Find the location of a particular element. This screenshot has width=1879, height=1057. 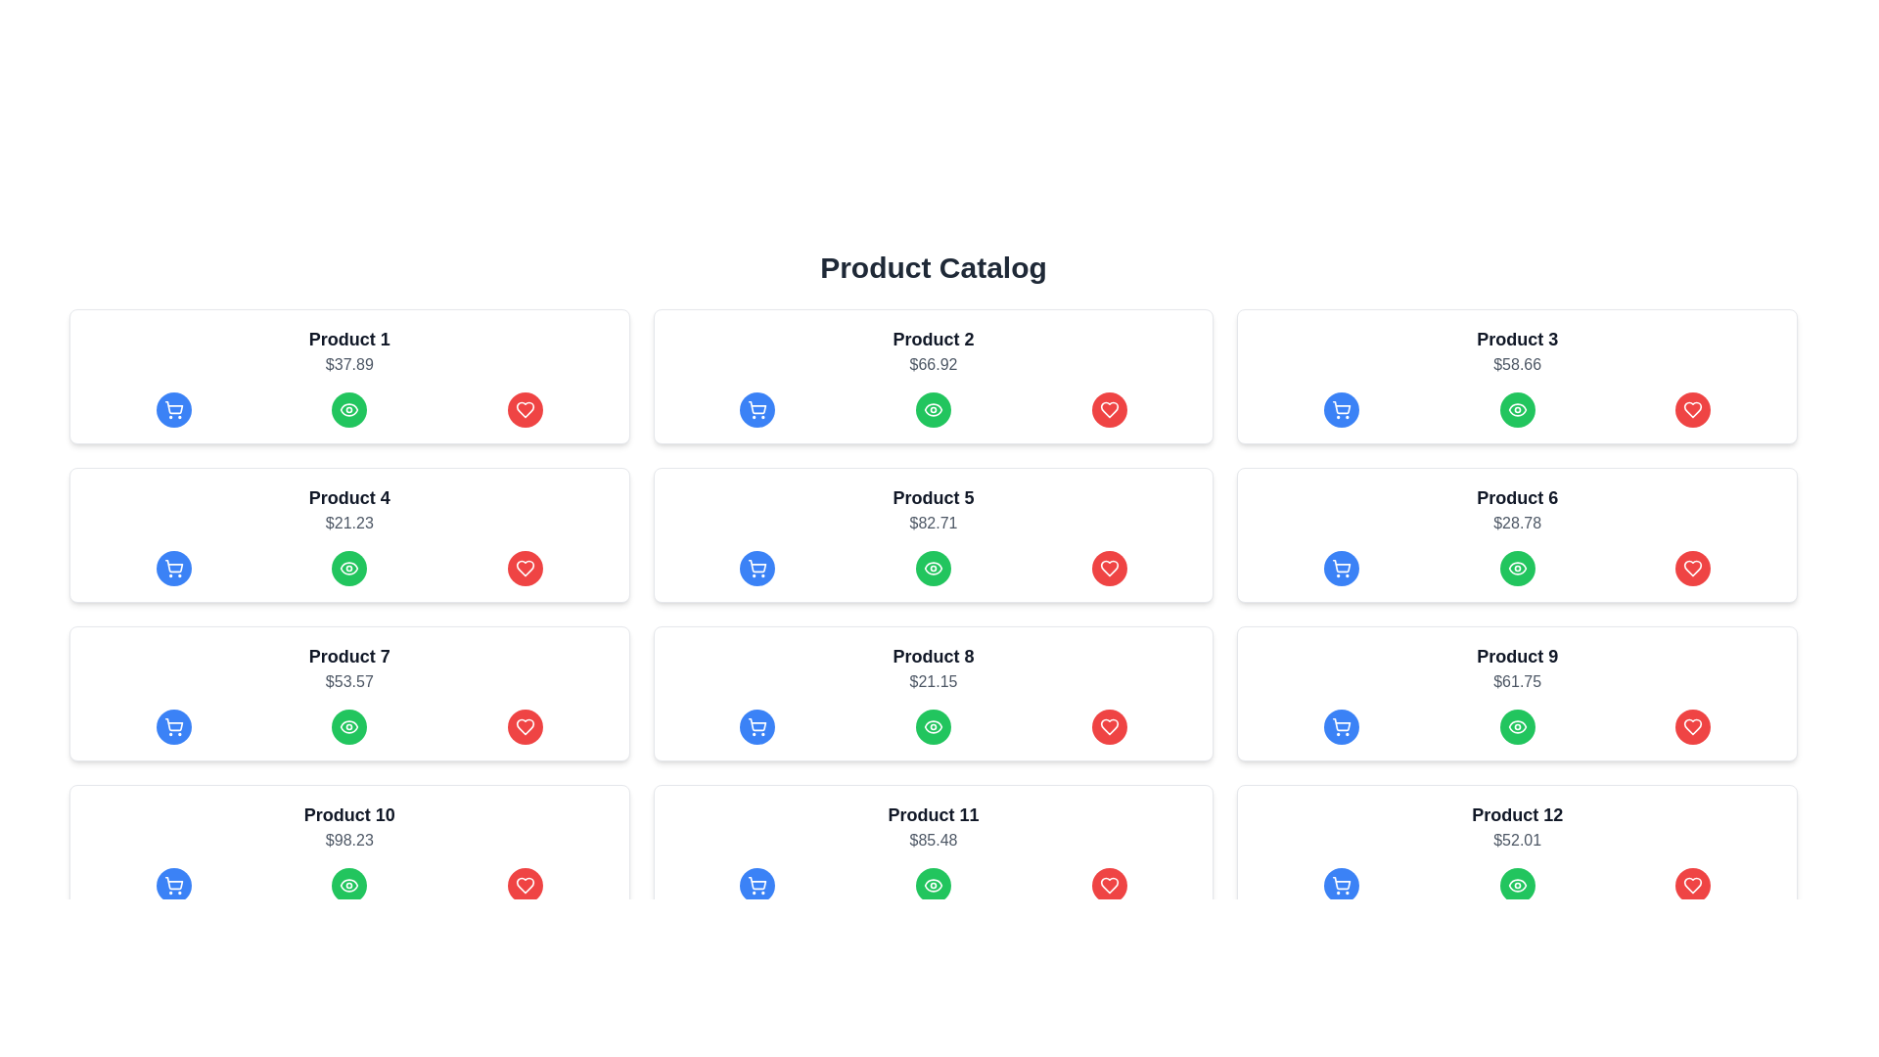

the middle button in the row of action buttons below 'Product 6' priced at '$28.78' is located at coordinates (1516, 569).